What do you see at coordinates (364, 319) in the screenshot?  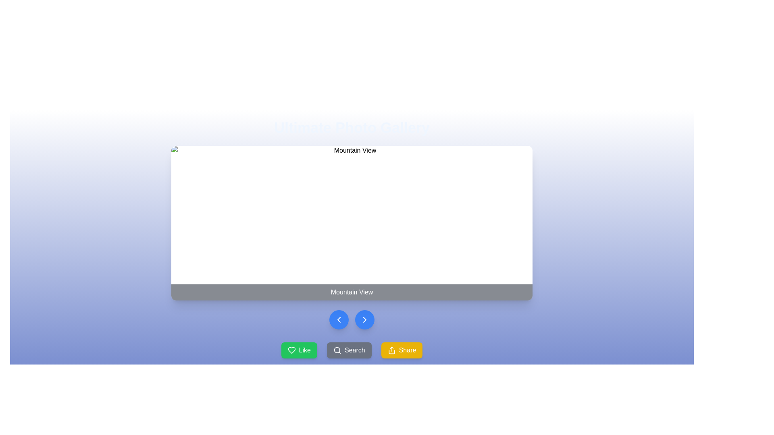 I see `the second circular button with a blue background and a right-pointing chevron icon` at bounding box center [364, 319].